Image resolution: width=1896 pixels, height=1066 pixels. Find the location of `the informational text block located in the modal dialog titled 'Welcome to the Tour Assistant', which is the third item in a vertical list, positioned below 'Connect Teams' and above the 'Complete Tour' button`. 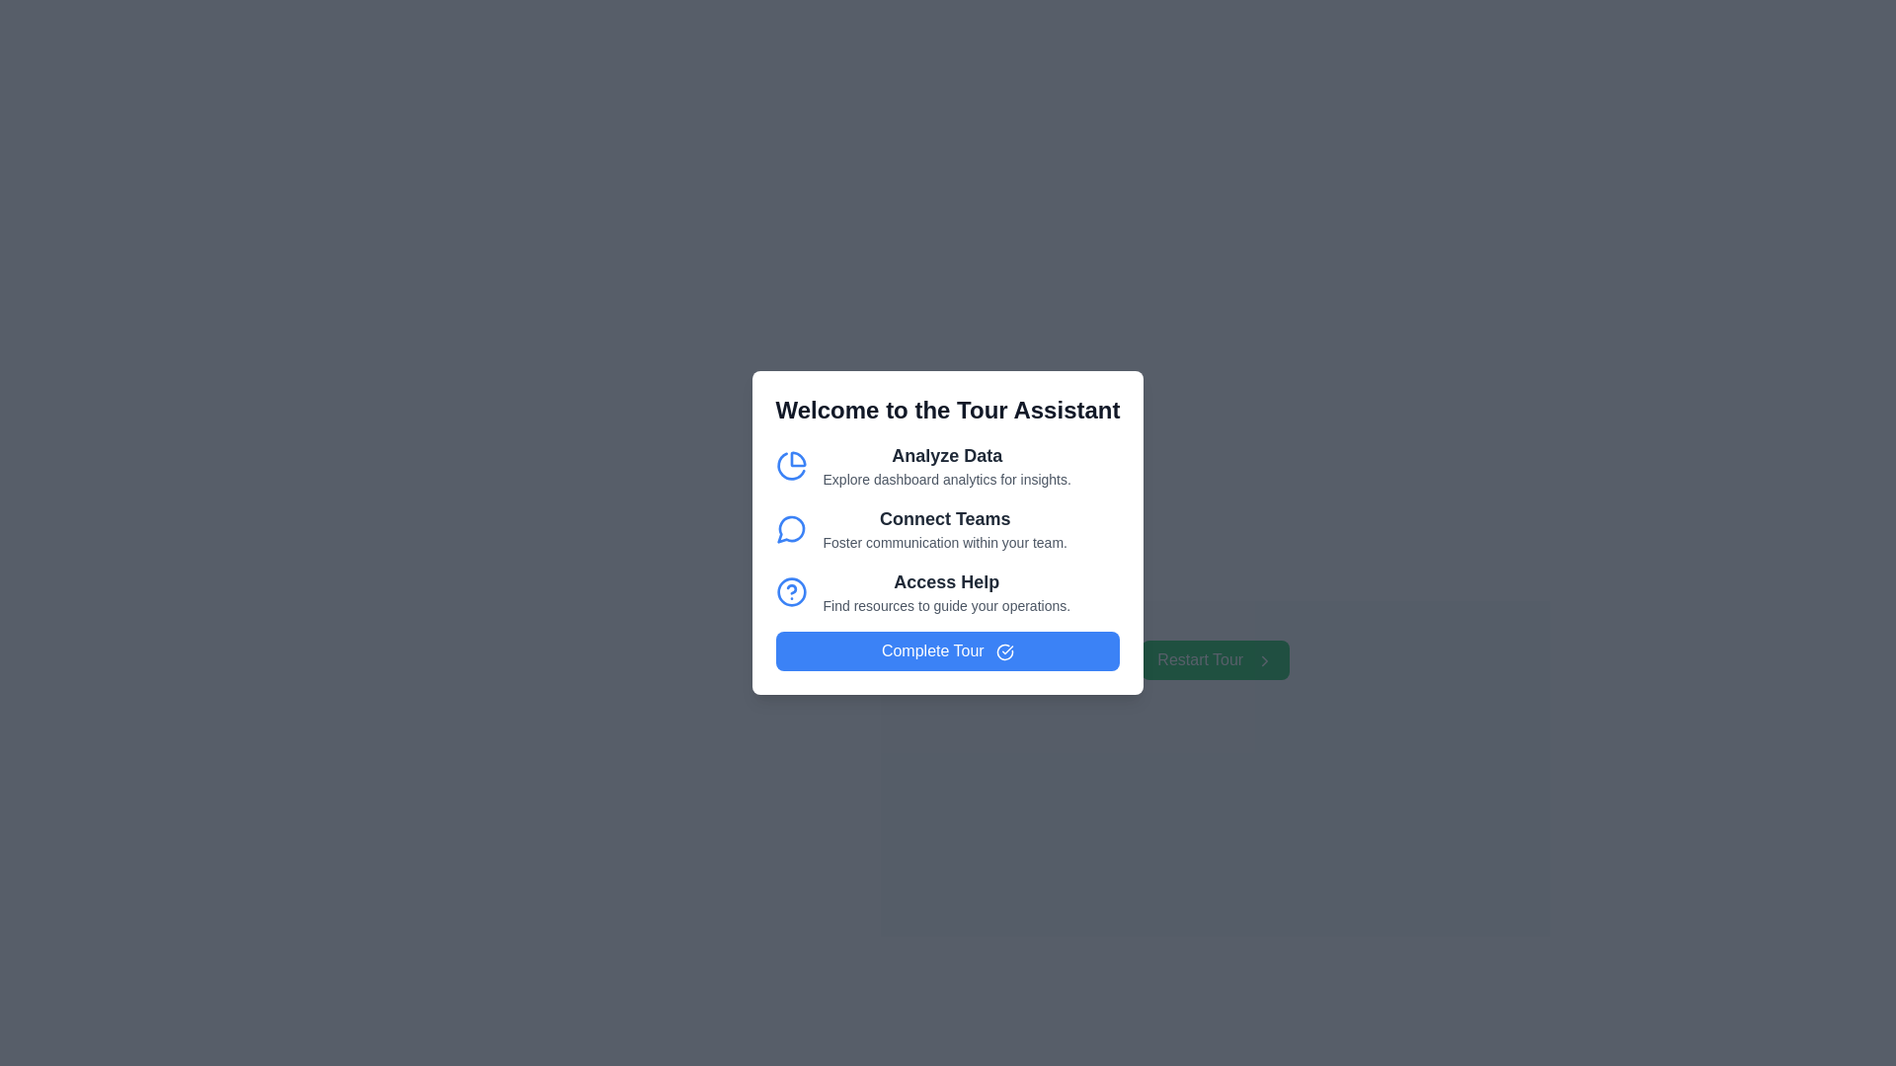

the informational text block located in the modal dialog titled 'Welcome to the Tour Assistant', which is the third item in a vertical list, positioned below 'Connect Teams' and above the 'Complete Tour' button is located at coordinates (945, 591).